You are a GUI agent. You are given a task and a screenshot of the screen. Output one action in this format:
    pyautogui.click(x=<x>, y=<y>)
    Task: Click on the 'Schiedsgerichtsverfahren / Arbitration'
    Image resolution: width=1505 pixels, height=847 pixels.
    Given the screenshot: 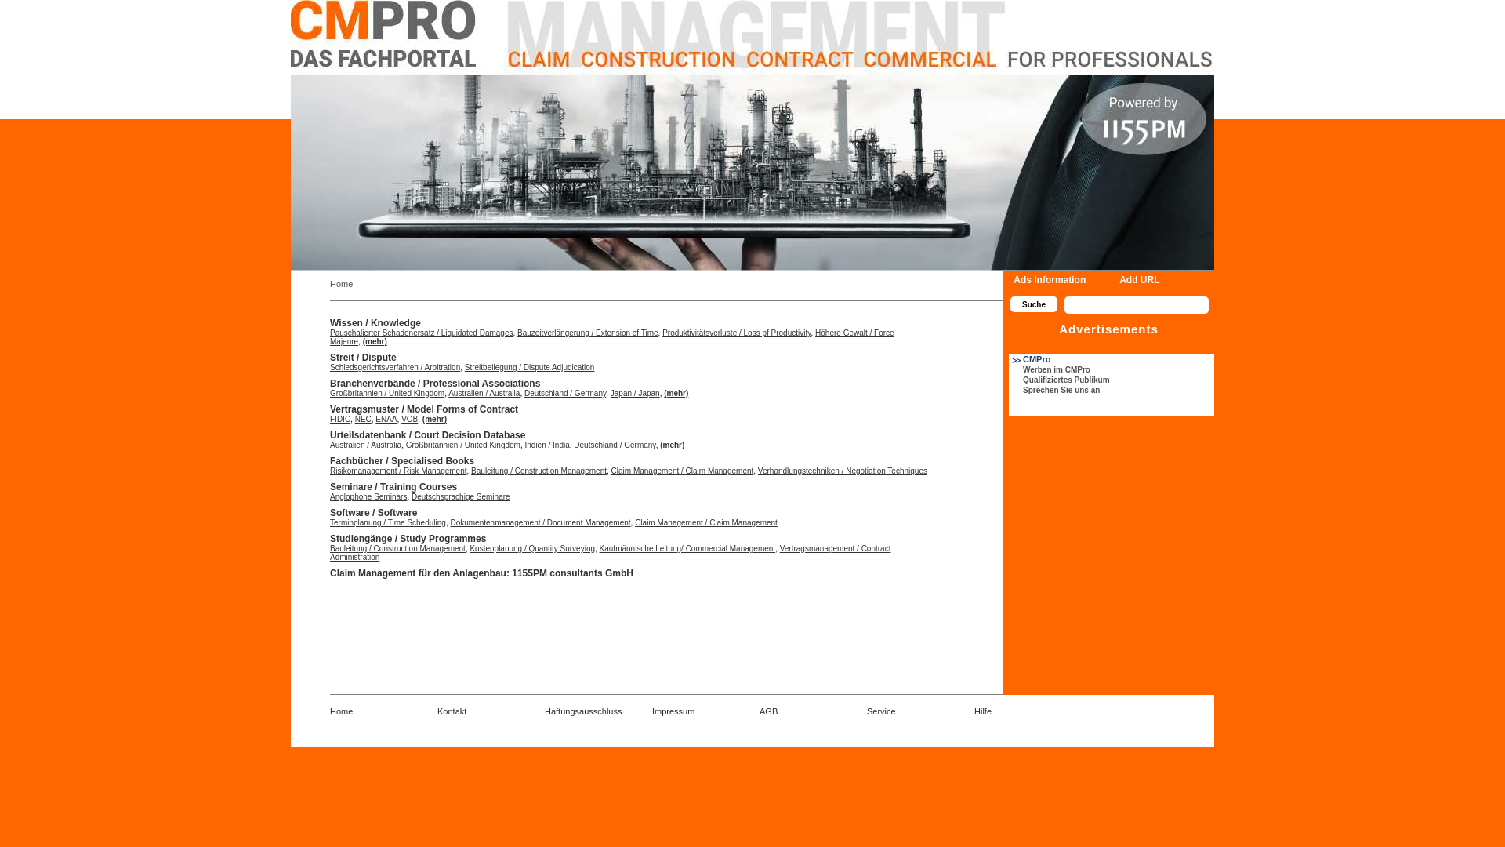 What is the action you would take?
    pyautogui.click(x=395, y=367)
    